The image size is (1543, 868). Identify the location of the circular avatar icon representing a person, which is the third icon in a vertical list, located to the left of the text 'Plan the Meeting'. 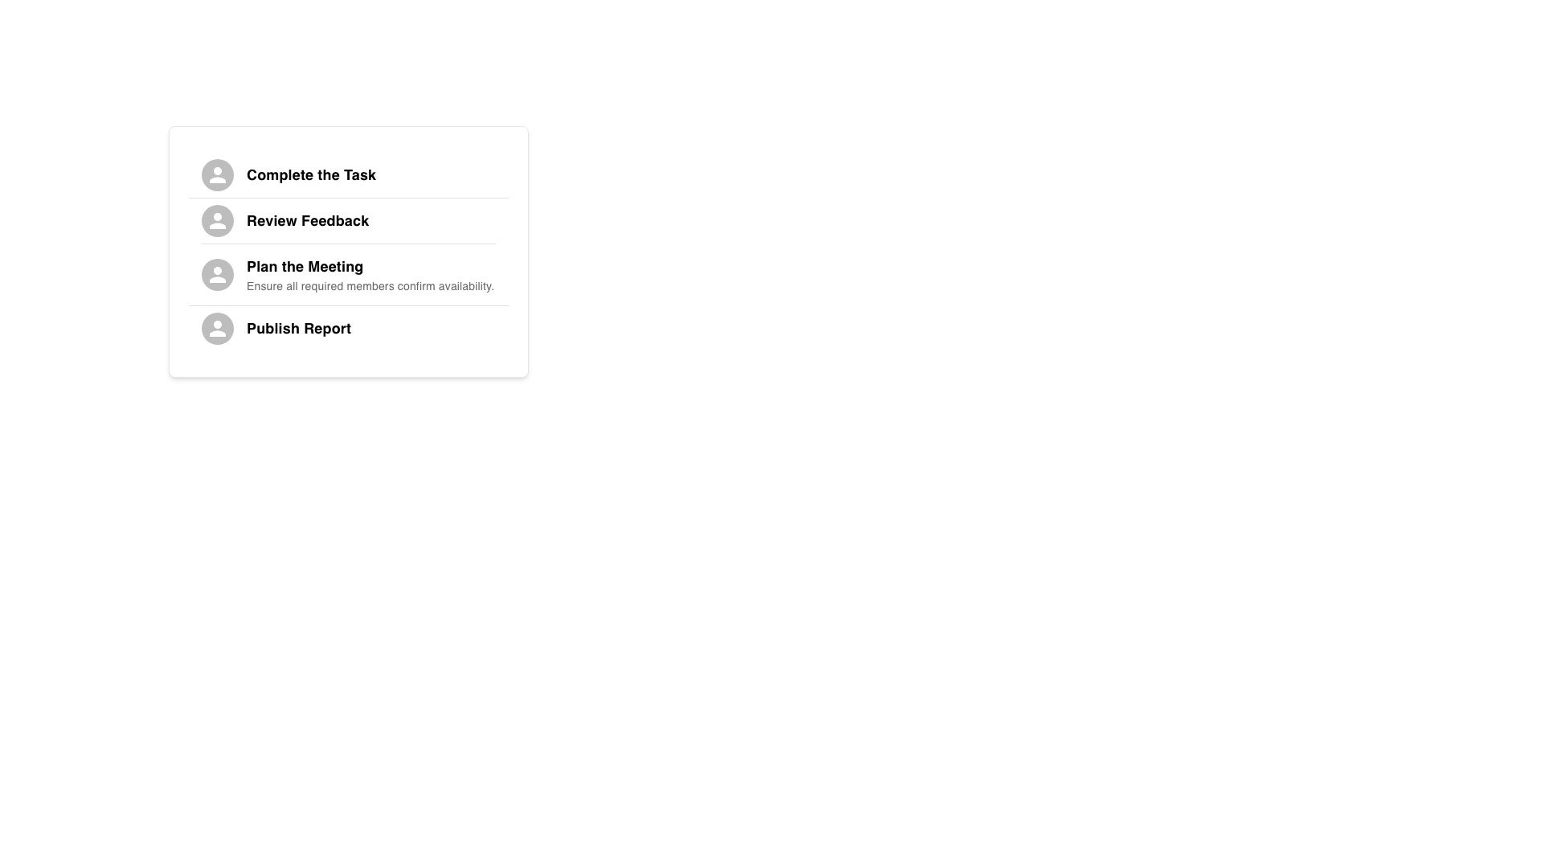
(216, 274).